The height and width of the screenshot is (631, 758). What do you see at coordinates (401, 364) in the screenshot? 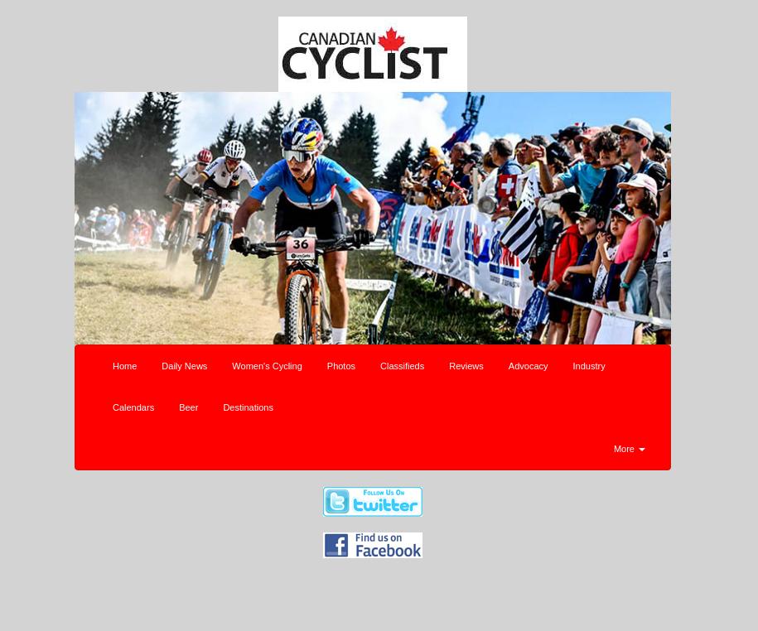
I see `'Classifieds'` at bounding box center [401, 364].